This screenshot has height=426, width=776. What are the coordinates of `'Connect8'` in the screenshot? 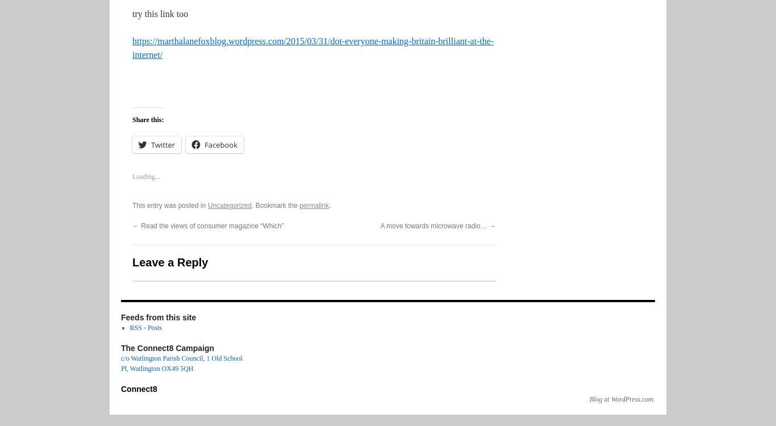 It's located at (139, 389).